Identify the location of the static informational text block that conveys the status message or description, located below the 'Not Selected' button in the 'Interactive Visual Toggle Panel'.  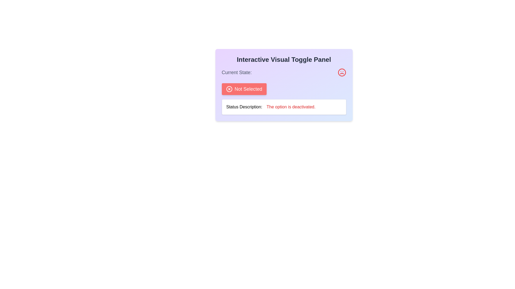
(284, 107).